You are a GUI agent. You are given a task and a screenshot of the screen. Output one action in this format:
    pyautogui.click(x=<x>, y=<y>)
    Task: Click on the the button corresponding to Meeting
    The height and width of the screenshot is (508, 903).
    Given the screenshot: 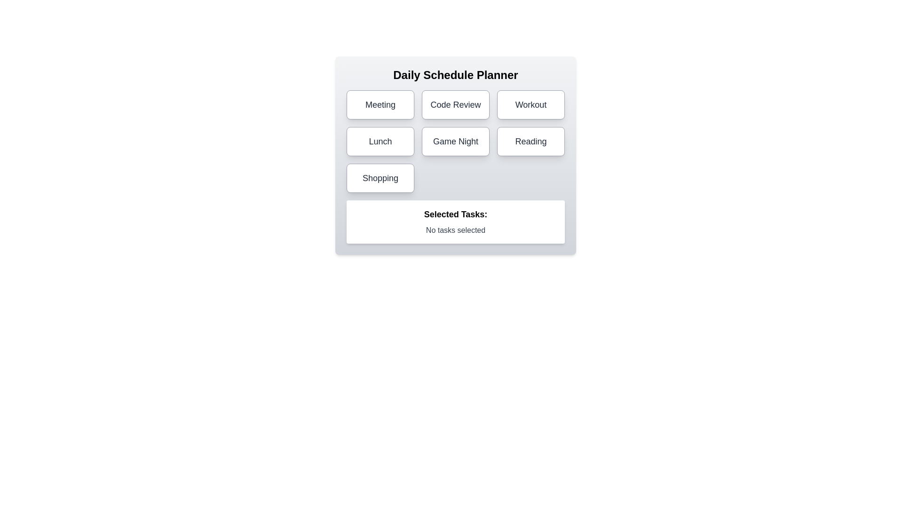 What is the action you would take?
    pyautogui.click(x=380, y=105)
    